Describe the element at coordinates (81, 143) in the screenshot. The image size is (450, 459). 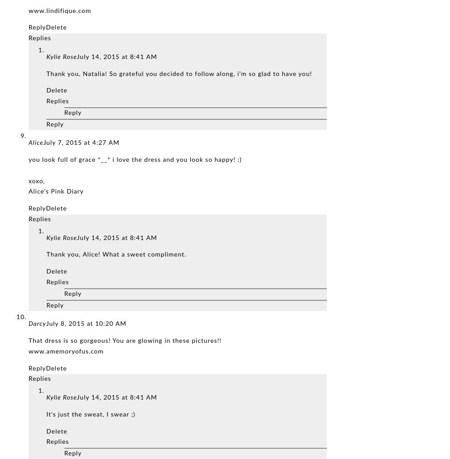
I see `'July 7, 2015 at 4:27 AM'` at that location.